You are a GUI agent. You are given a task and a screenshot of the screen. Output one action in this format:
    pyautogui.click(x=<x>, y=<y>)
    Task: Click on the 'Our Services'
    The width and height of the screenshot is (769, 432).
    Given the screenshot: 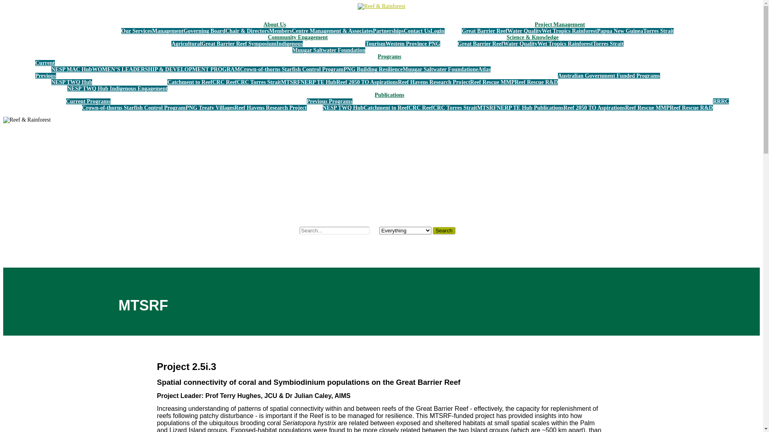 What is the action you would take?
    pyautogui.click(x=121, y=30)
    